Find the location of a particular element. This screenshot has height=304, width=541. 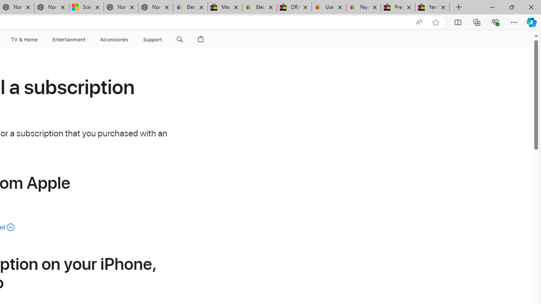

'Entertainment' is located at coordinates (69, 39).